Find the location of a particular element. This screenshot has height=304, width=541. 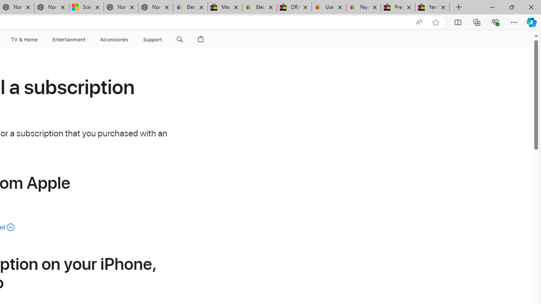

'Entertainment' is located at coordinates (69, 39).